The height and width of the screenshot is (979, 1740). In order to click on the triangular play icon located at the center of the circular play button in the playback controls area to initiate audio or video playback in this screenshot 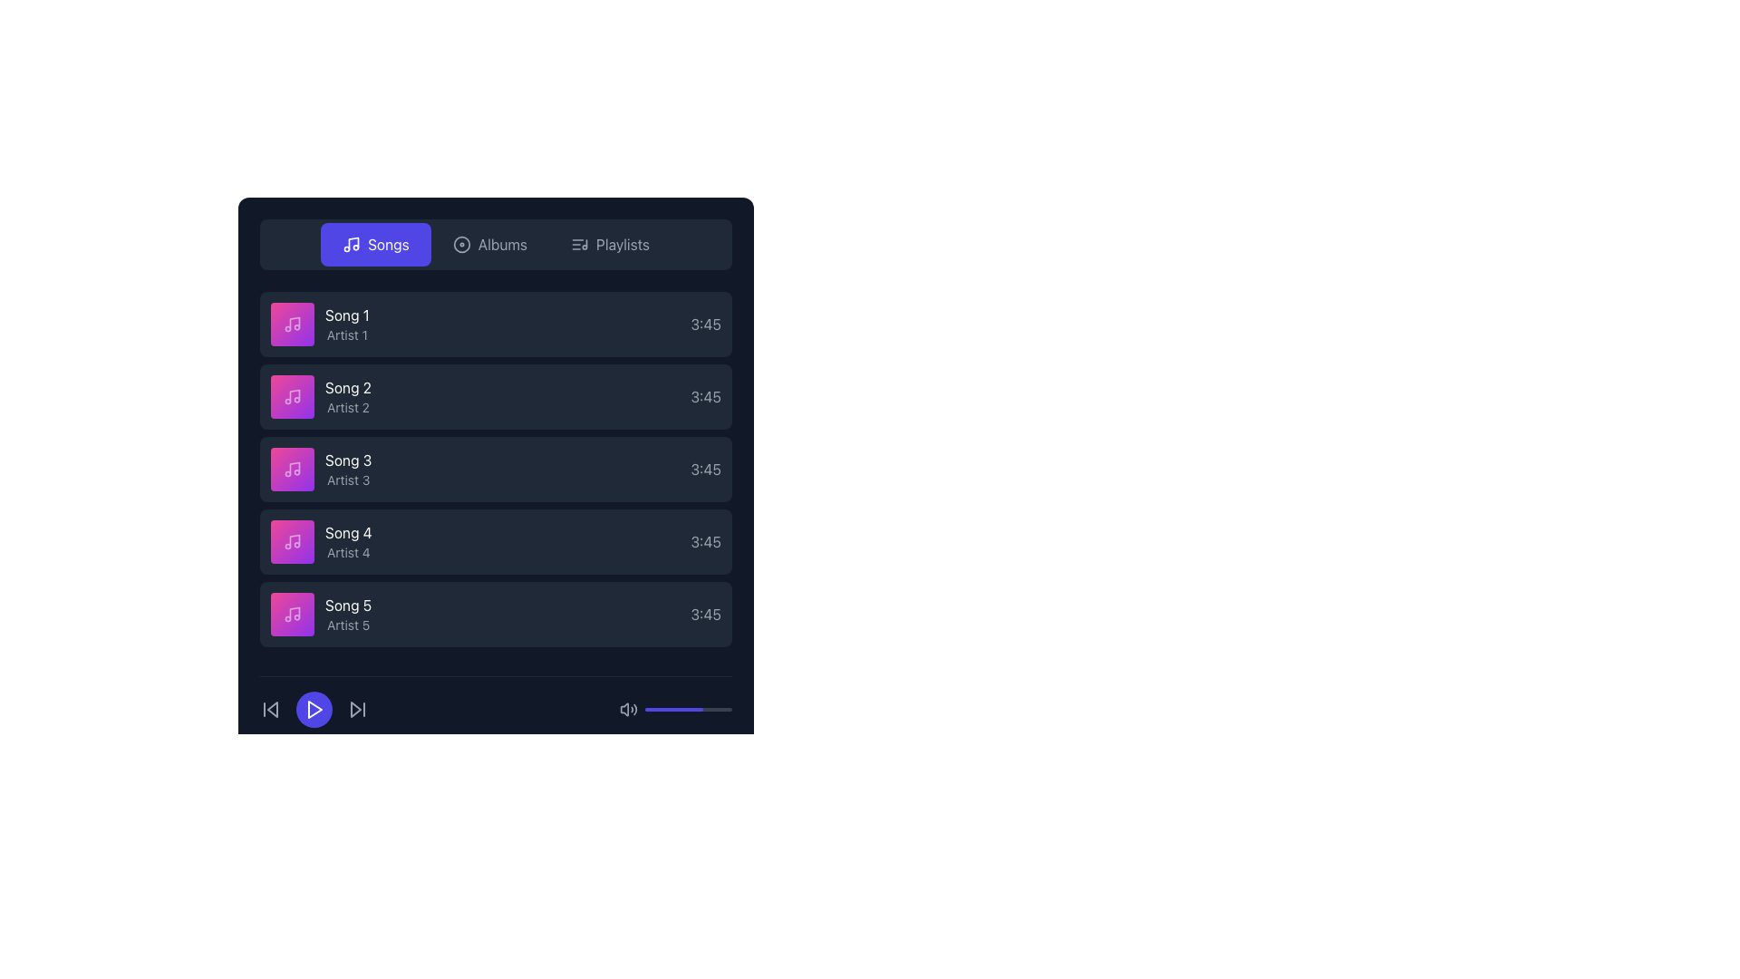, I will do `click(314, 709)`.